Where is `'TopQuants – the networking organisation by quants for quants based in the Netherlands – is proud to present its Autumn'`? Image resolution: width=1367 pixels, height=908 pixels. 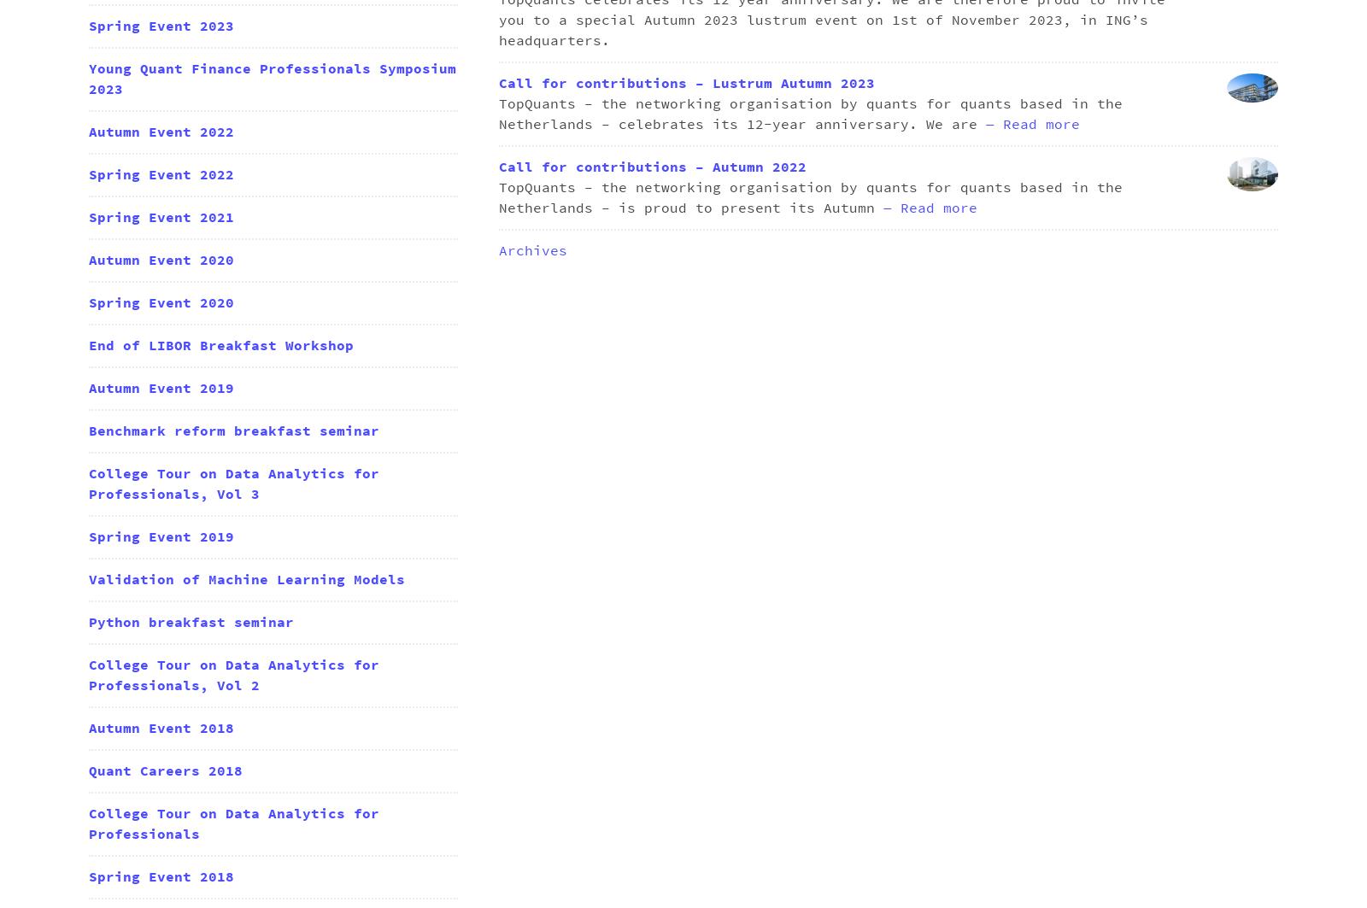
'TopQuants – the networking organisation by quants for quants based in the Netherlands – is proud to present its Autumn' is located at coordinates (809, 198).